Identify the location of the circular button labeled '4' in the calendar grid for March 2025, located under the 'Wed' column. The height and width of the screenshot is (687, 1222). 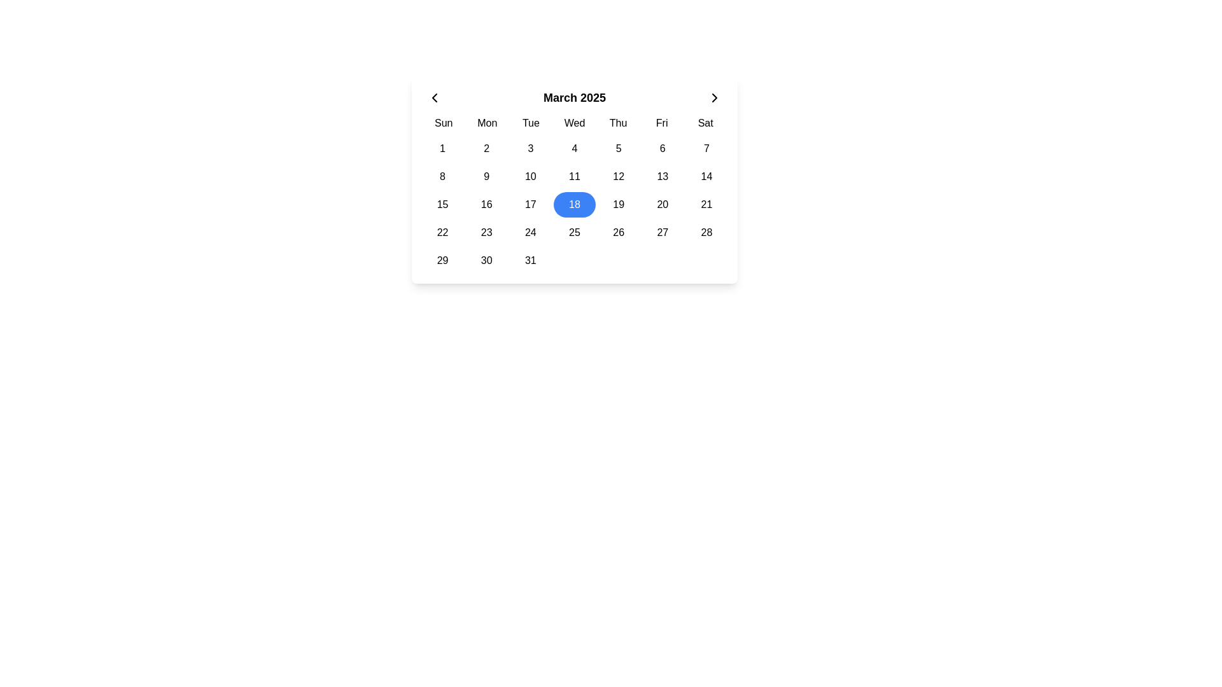
(573, 148).